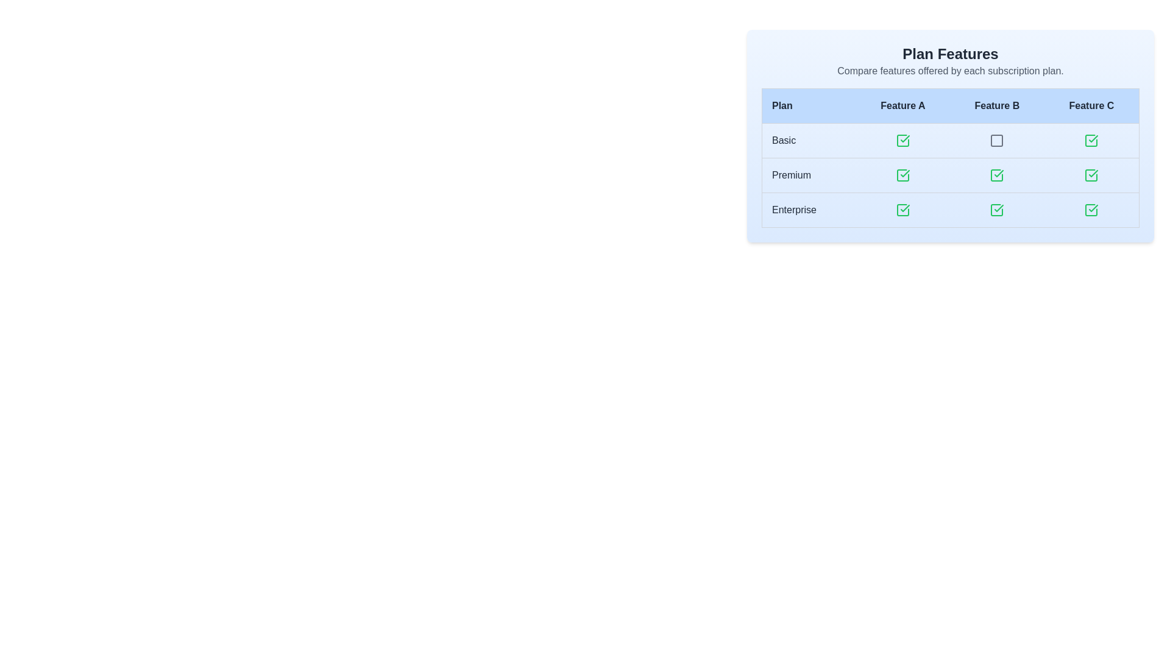  Describe the element at coordinates (902, 140) in the screenshot. I see `icon that indicates the availability of 'Feature A' for the 'Basic' subscription plan, located in the first row under the 'Feature A' column of the table` at that location.